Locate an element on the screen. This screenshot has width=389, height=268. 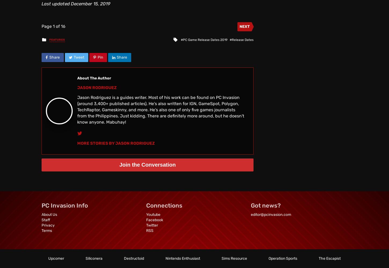
'Facebook' is located at coordinates (155, 220).